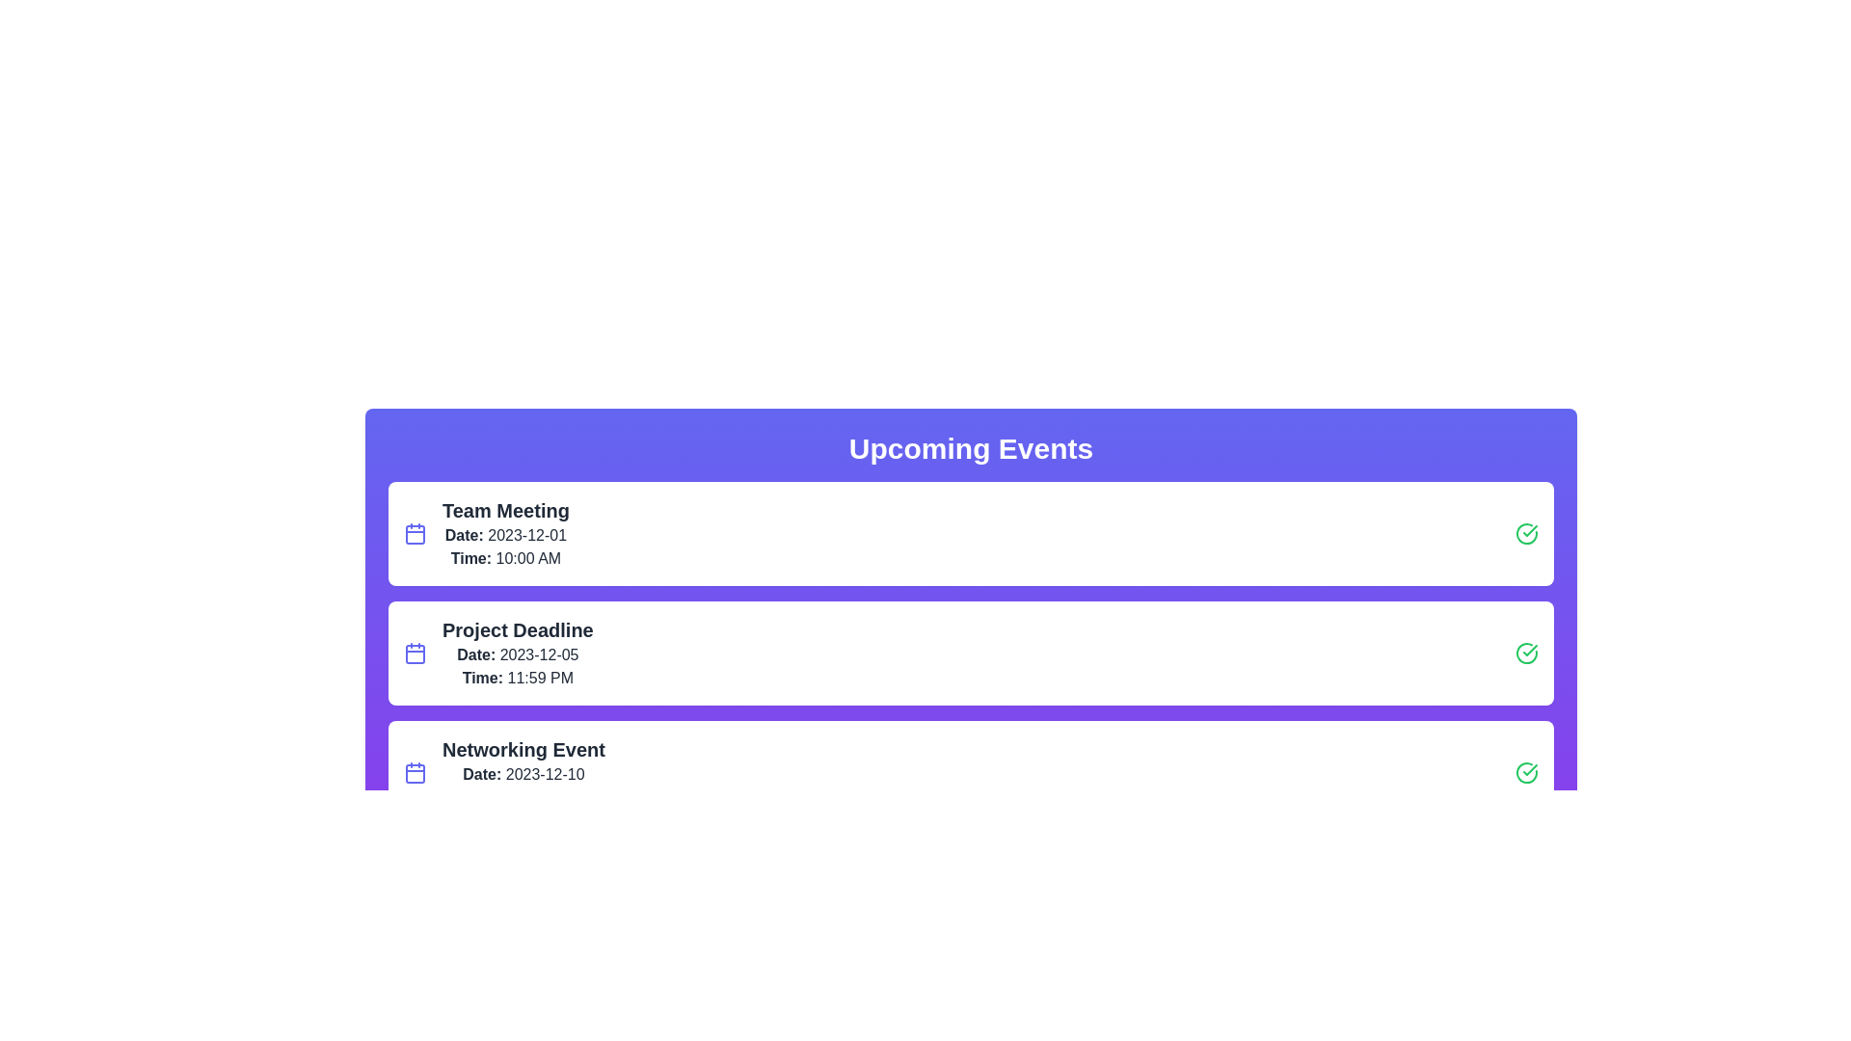  I want to click on the green check-circle icon on the far-right side of the project deadline entry, so click(1526, 653).